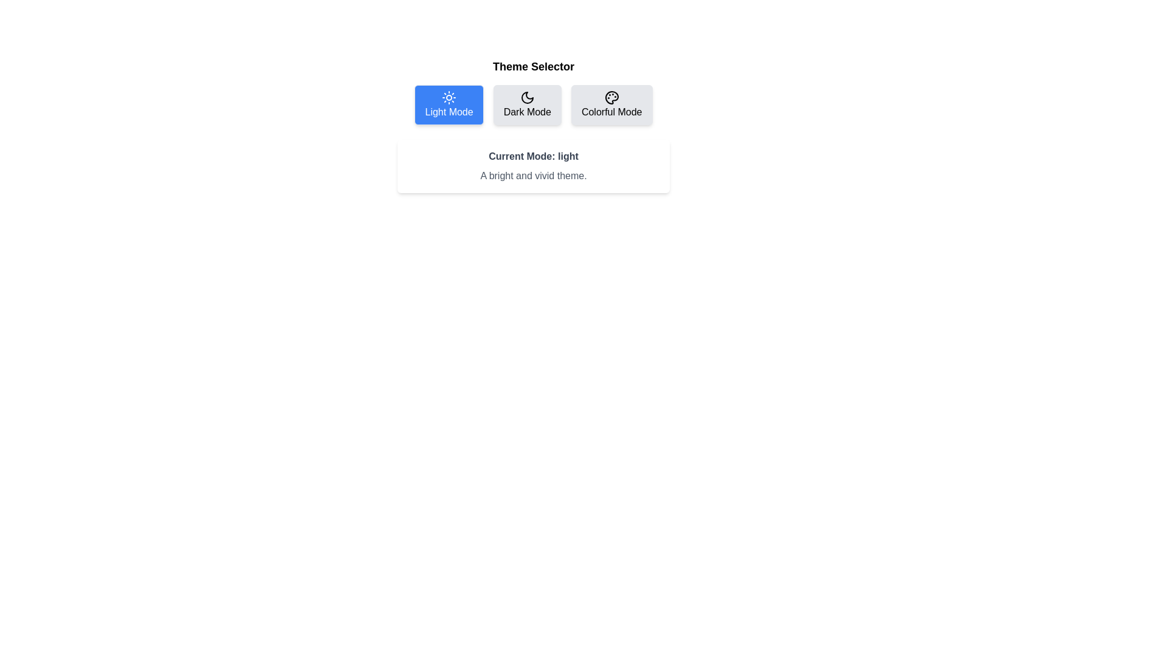  What do you see at coordinates (449, 104) in the screenshot?
I see `the rectangular blue button with white text labeled 'Light Mode' to switch to Light Mode` at bounding box center [449, 104].